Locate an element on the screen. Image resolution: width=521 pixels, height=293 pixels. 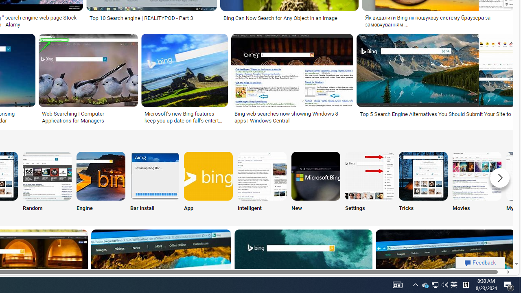
'Movies' is located at coordinates (477, 183).